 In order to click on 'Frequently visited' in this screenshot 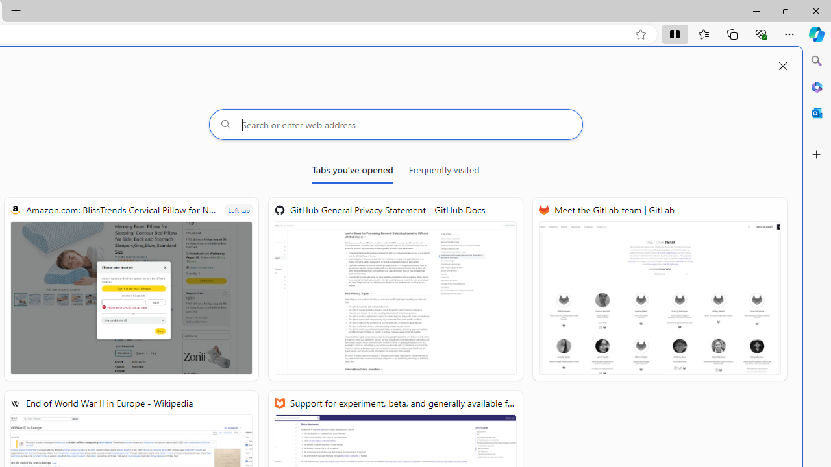, I will do `click(443, 172)`.